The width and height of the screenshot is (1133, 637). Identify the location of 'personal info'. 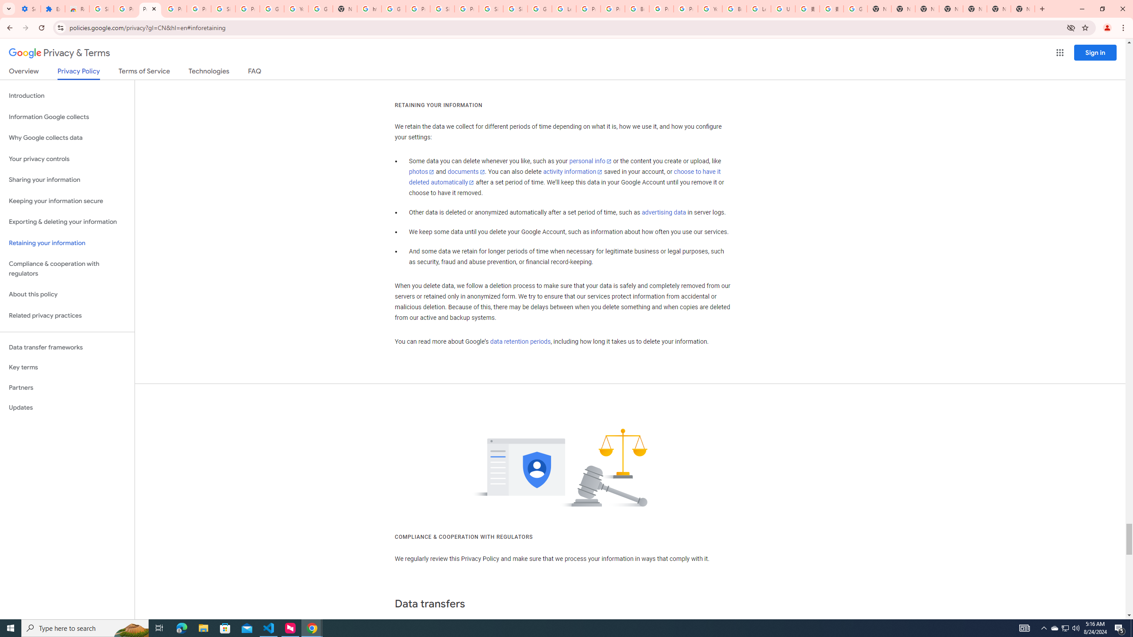
(590, 161).